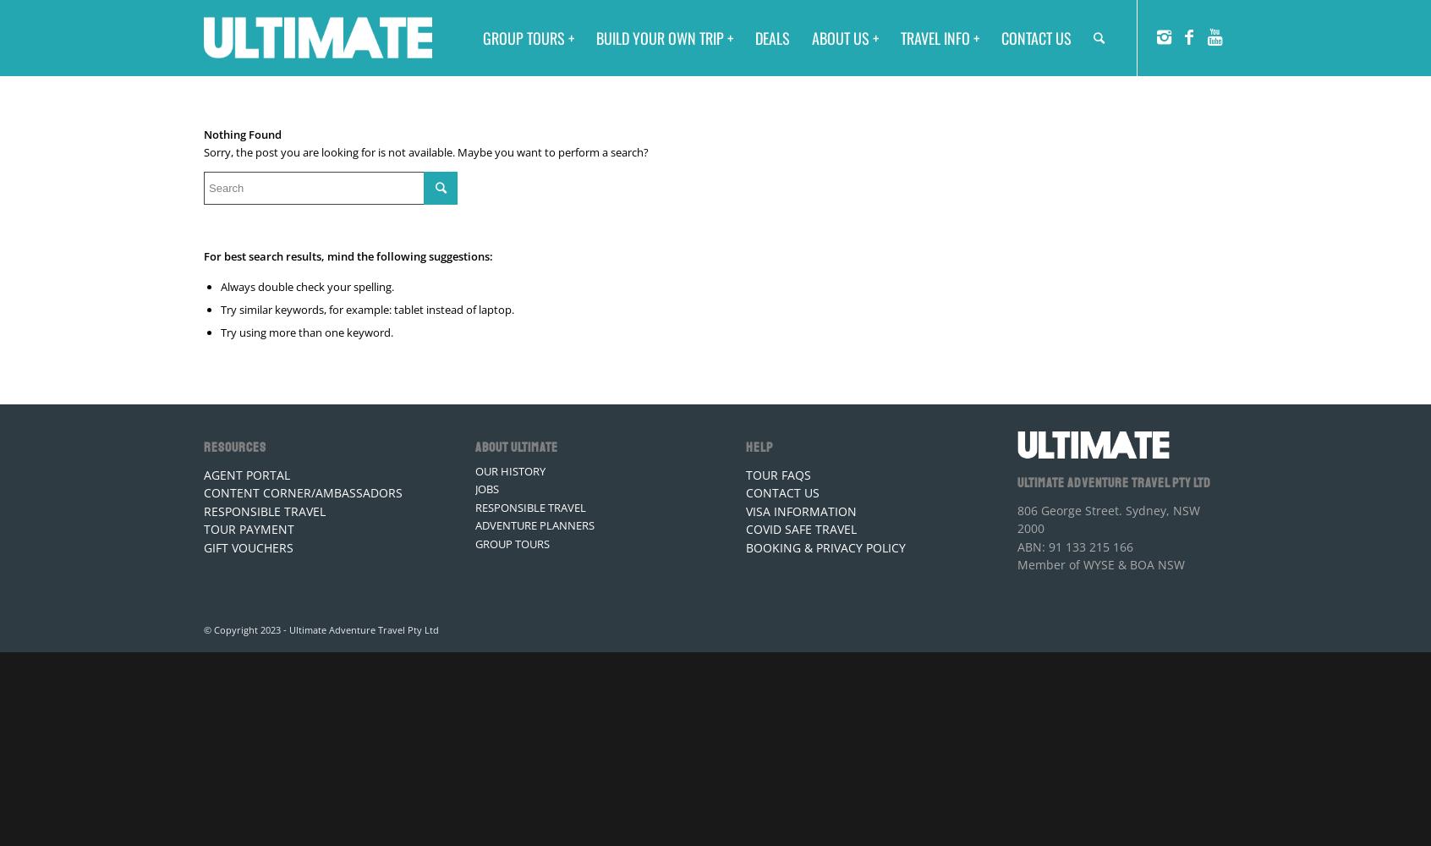  What do you see at coordinates (474, 525) in the screenshot?
I see `'ADVENTURE PLANNERS'` at bounding box center [474, 525].